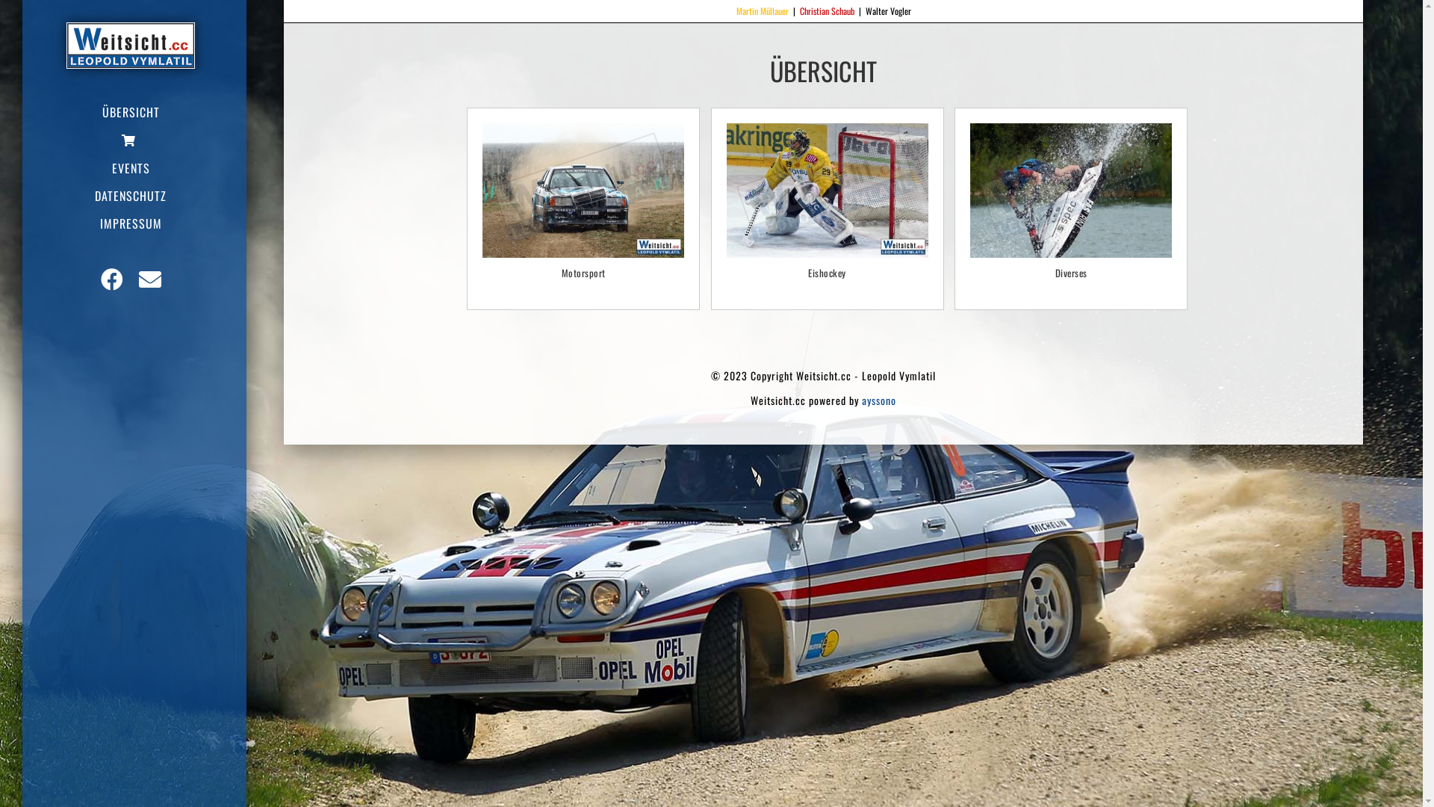 The width and height of the screenshot is (1434, 807). What do you see at coordinates (887, 10) in the screenshot?
I see `'Walter Vogler'` at bounding box center [887, 10].